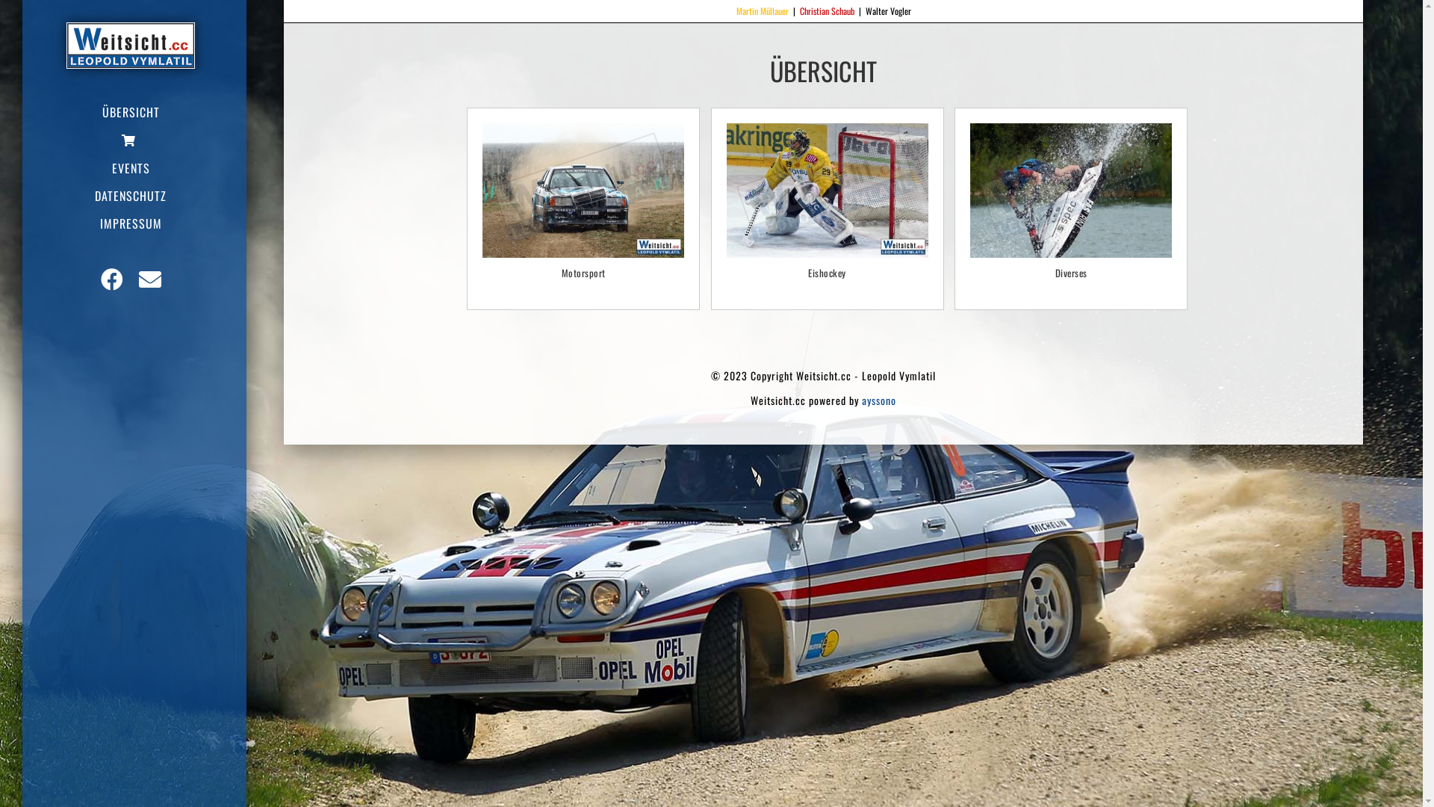 The width and height of the screenshot is (1434, 807). What do you see at coordinates (887, 10) in the screenshot?
I see `'Walter Vogler'` at bounding box center [887, 10].